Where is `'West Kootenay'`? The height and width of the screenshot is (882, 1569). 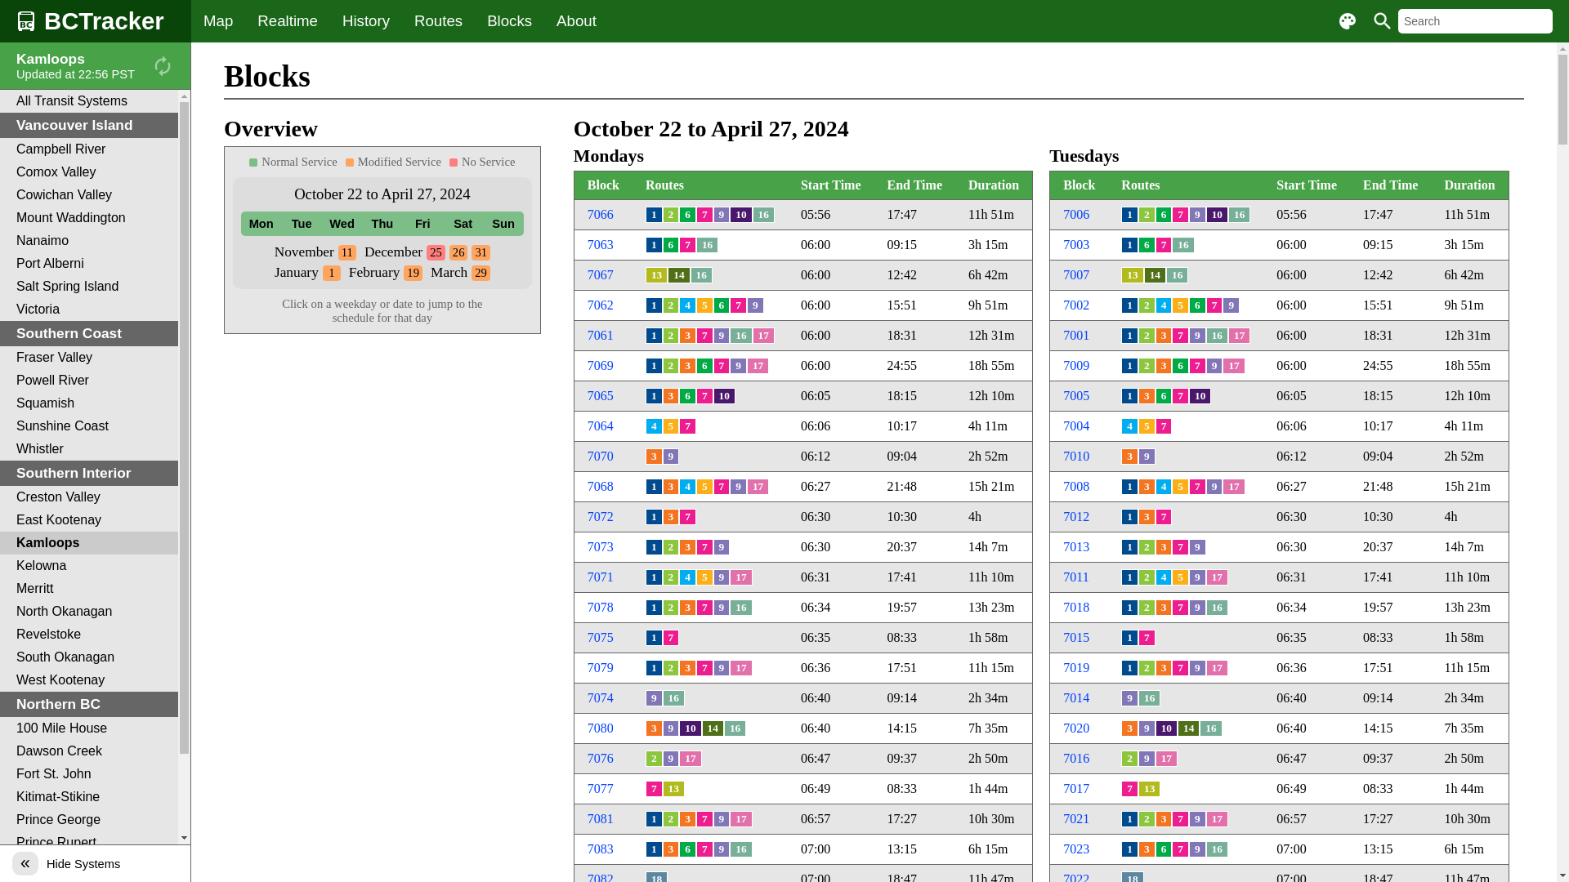
'West Kootenay' is located at coordinates (88, 680).